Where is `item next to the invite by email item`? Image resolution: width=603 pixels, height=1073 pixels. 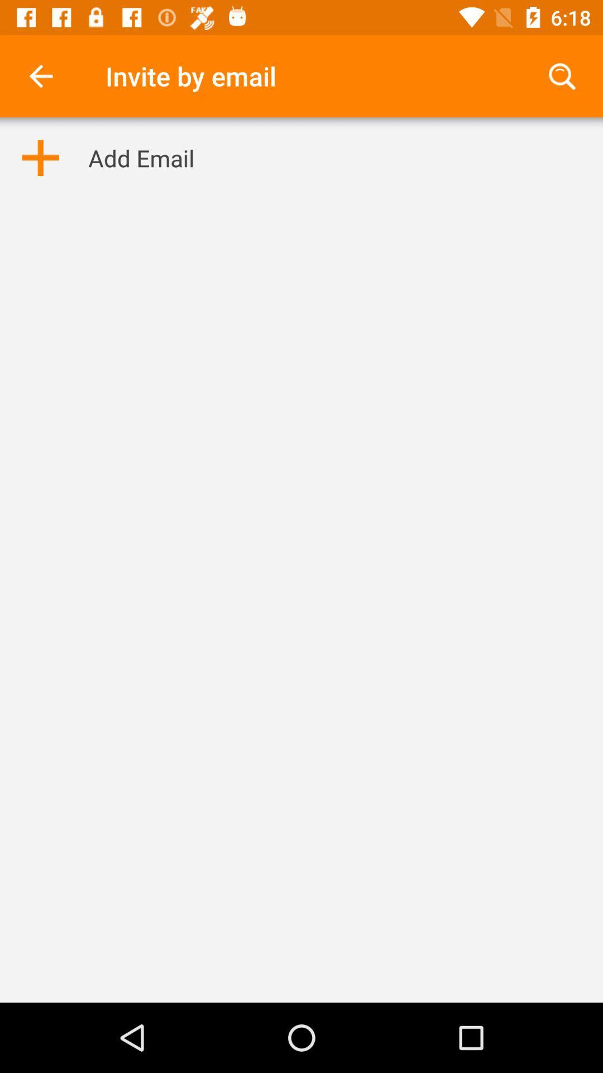
item next to the invite by email item is located at coordinates (40, 75).